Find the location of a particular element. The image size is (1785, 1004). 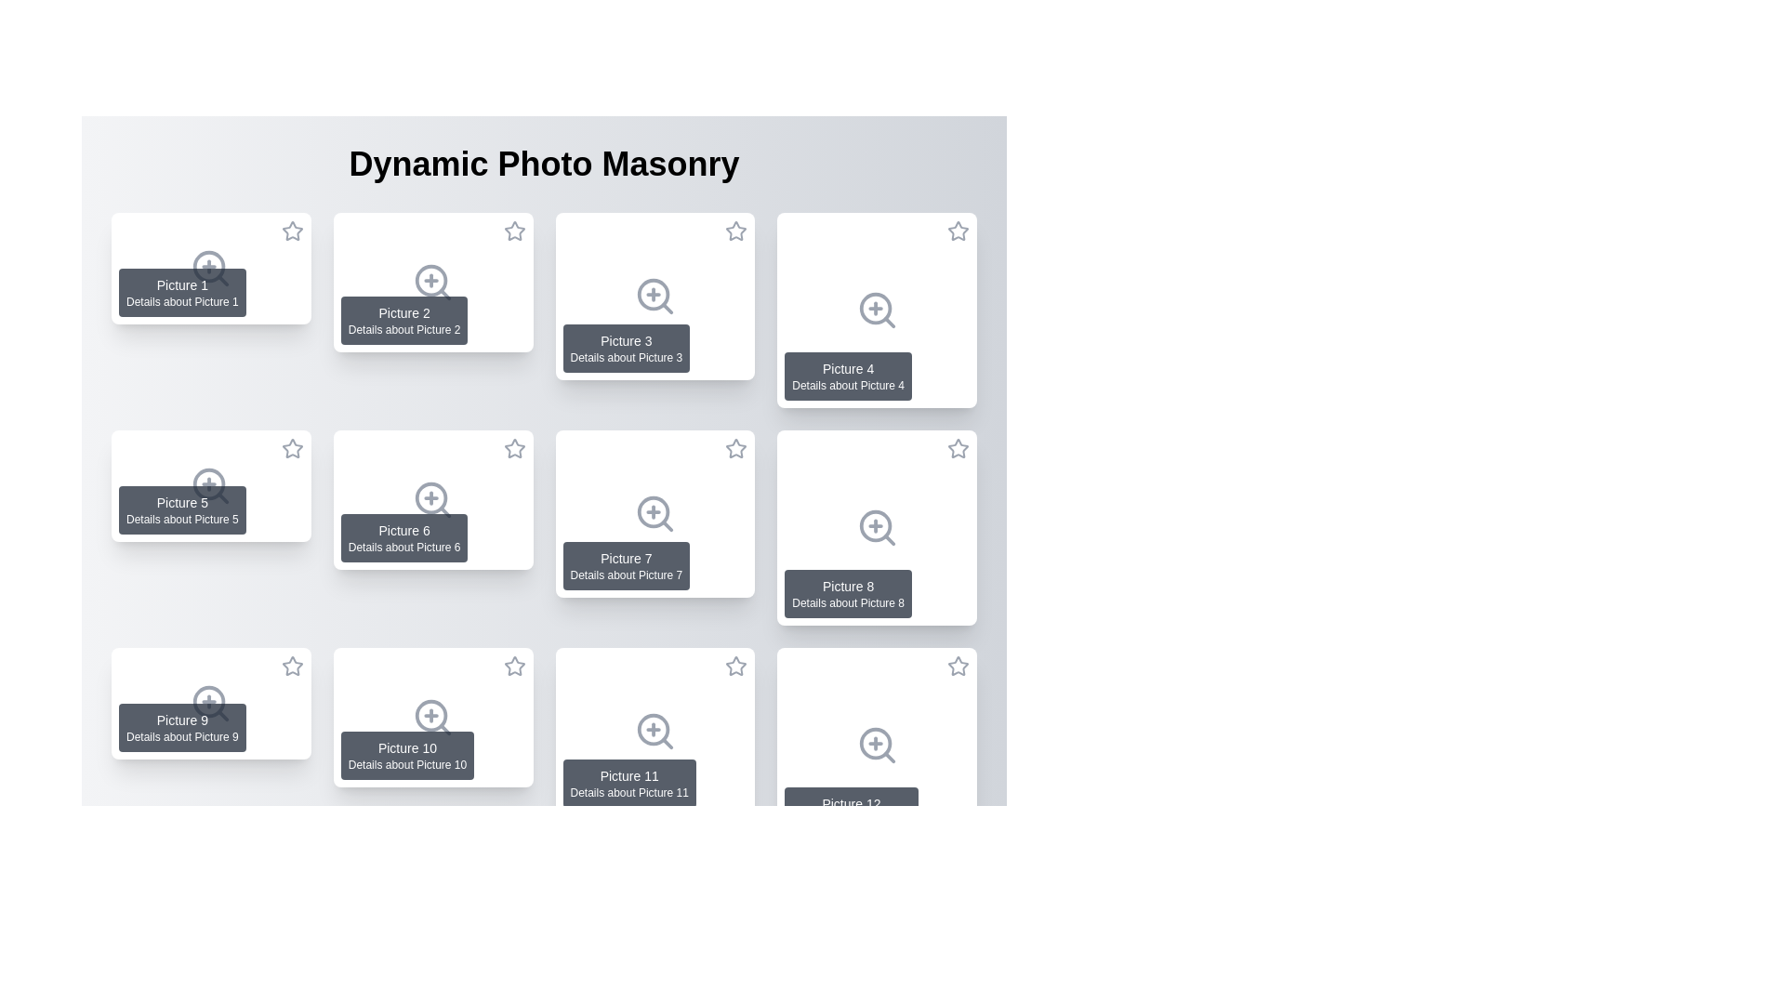

text label that displays 'Picture 6' in white font on a dark gray background, located in the third row and second column of the grid is located at coordinates (403, 530).